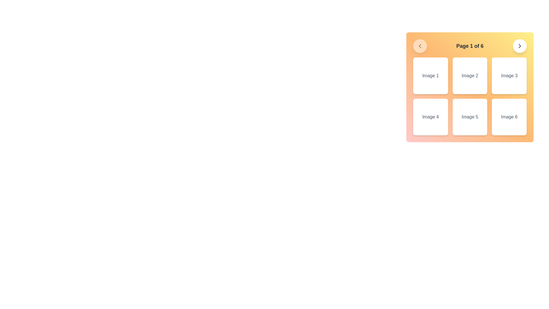 This screenshot has width=549, height=309. I want to click on the rectangular tile with a white background and gray text labeled 'Image 3', located in the third position of the top row in a grid layout, so click(509, 76).